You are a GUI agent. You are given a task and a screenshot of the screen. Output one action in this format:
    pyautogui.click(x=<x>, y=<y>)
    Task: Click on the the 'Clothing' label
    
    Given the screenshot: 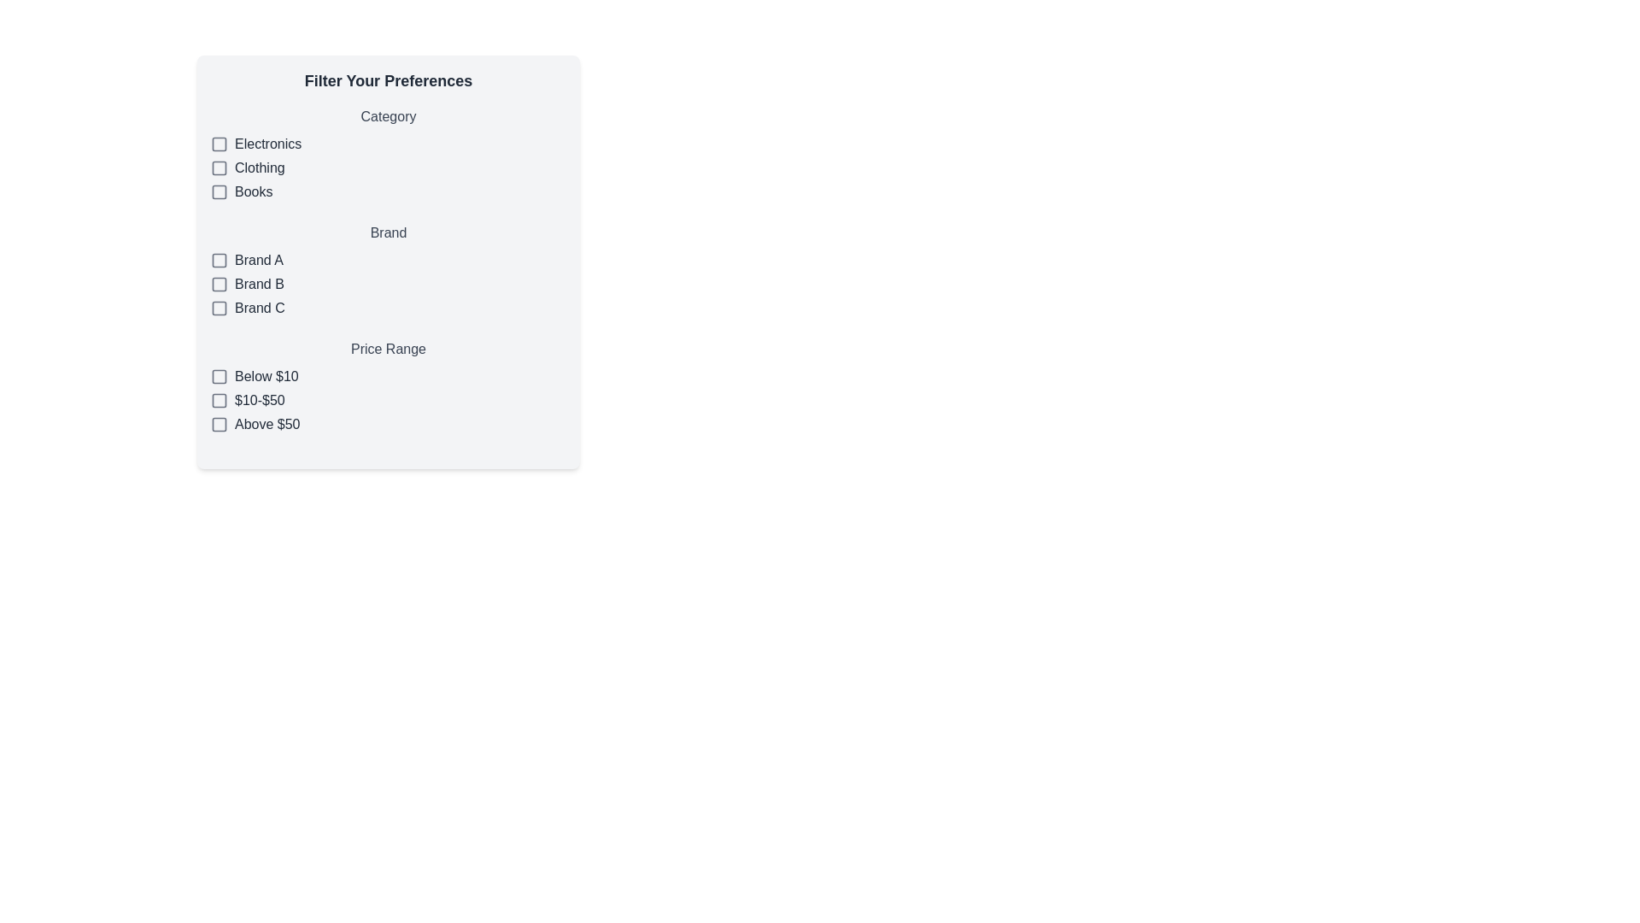 What is the action you would take?
    pyautogui.click(x=259, y=168)
    